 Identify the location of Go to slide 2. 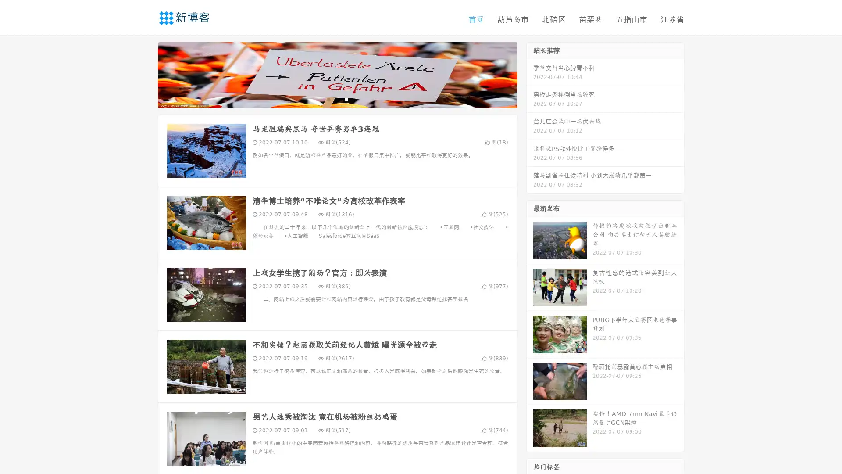
(337, 99).